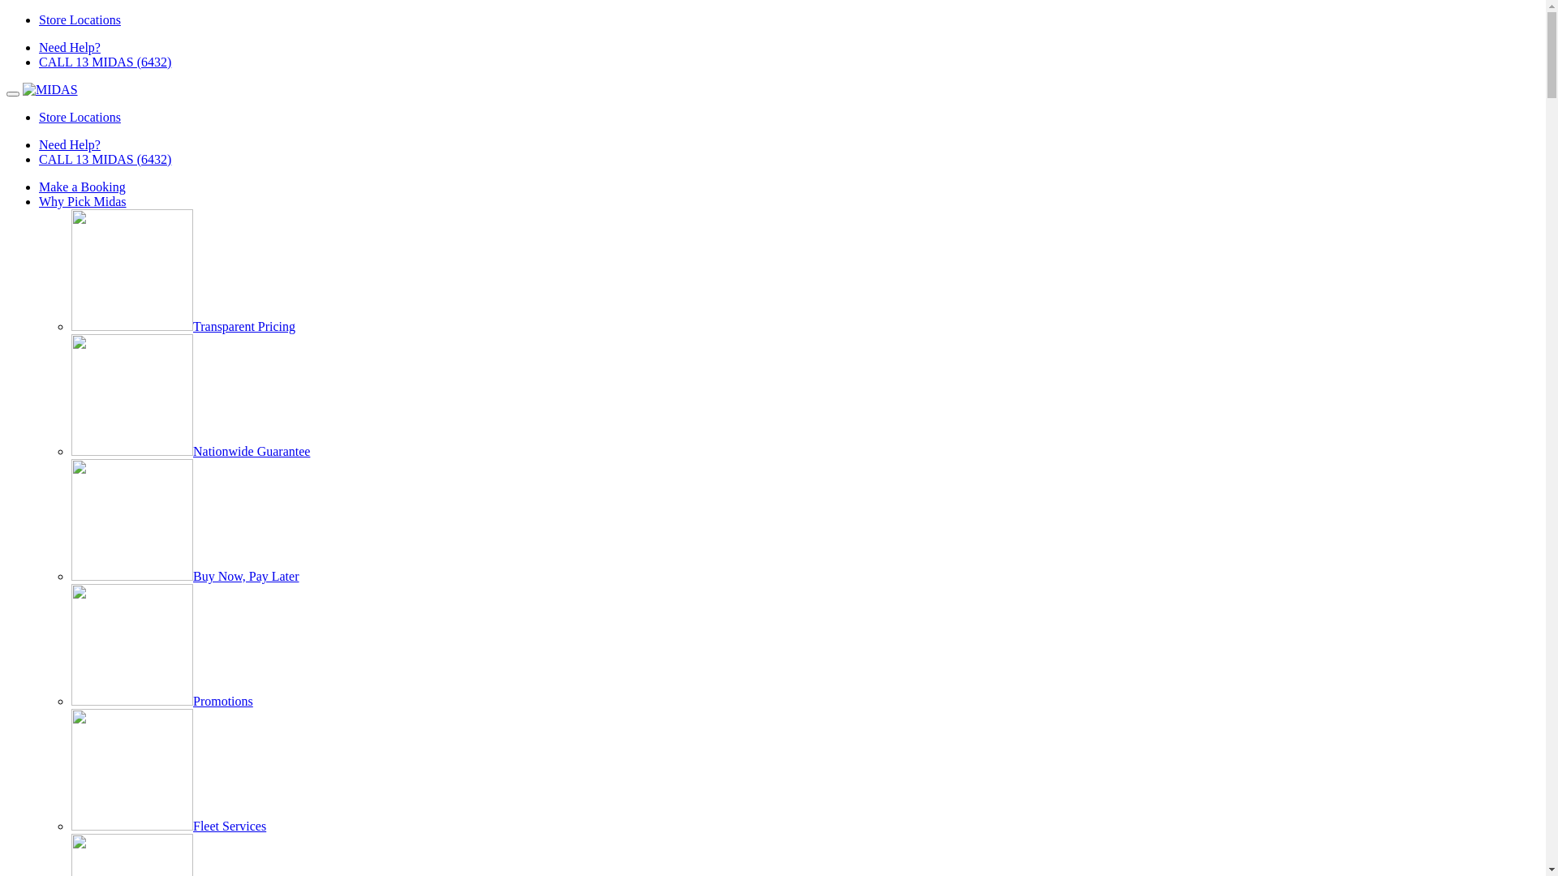 The width and height of the screenshot is (1558, 876). I want to click on 'Nationwide Guarantee', so click(191, 451).